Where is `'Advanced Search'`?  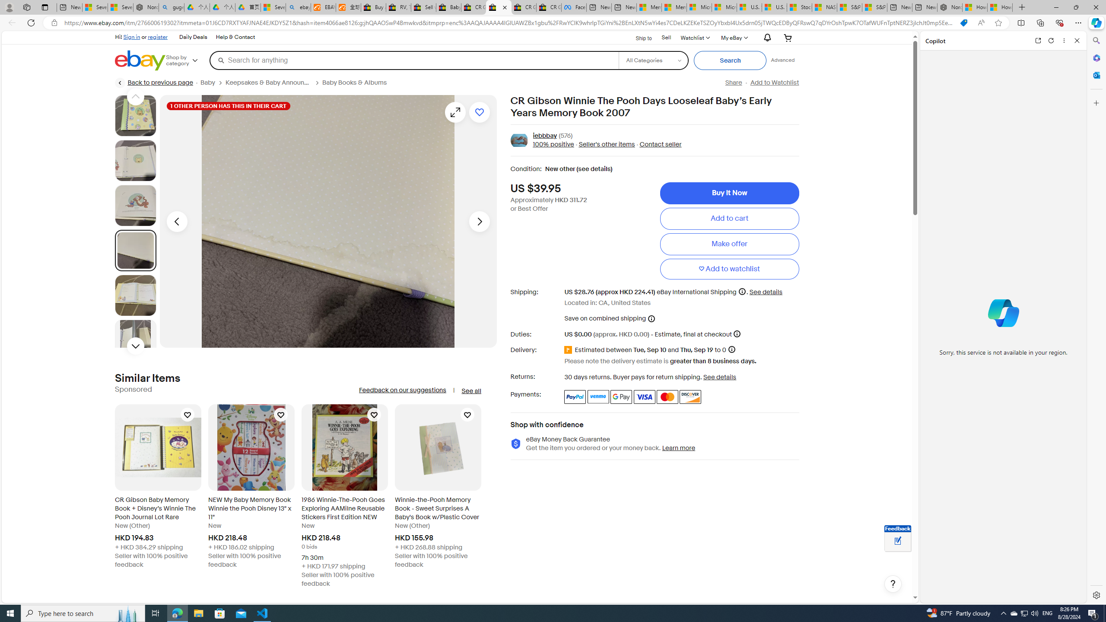
'Advanced Search' is located at coordinates (782, 60).